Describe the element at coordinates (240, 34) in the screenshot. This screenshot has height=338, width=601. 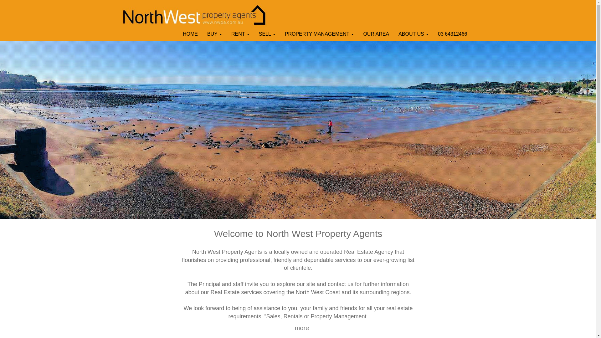
I see `'RENT'` at that location.